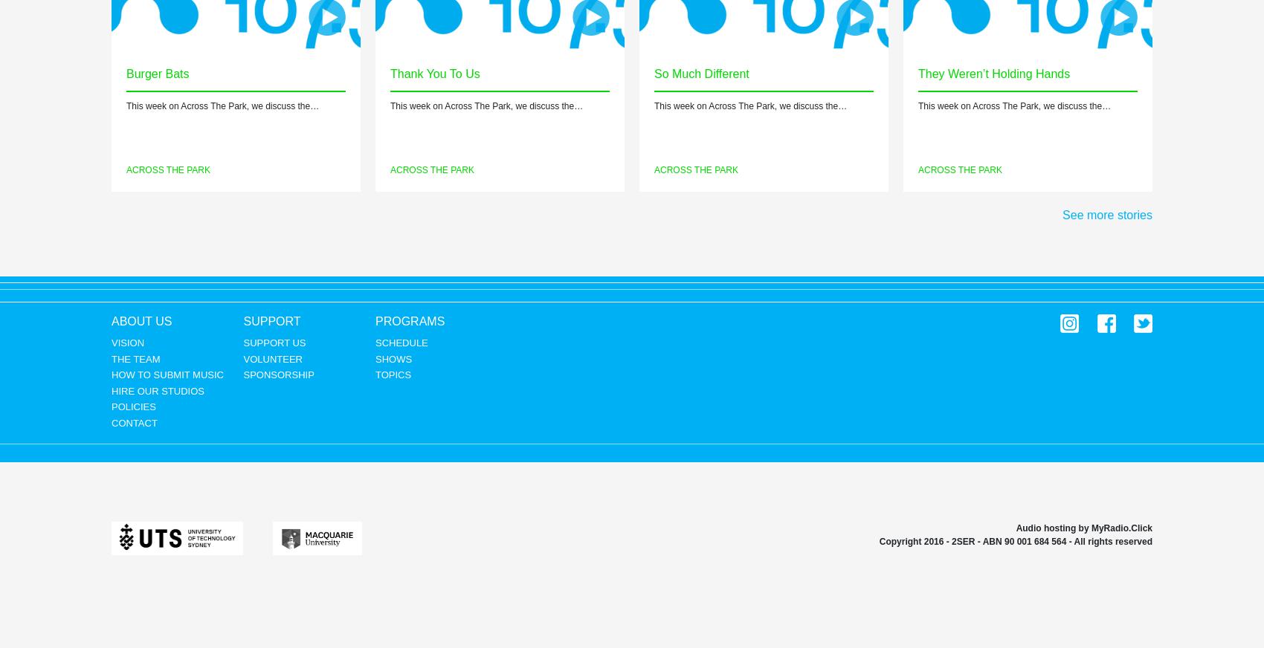 This screenshot has width=1264, height=648. I want to click on 'Thank You To Us', so click(433, 72).